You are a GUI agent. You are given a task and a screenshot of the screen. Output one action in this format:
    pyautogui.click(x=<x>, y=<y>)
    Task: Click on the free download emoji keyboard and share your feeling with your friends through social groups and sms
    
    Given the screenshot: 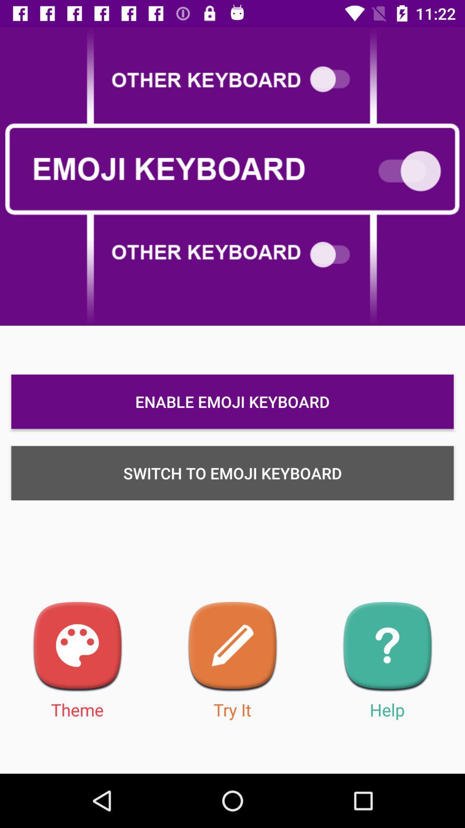 What is the action you would take?
    pyautogui.click(x=232, y=647)
    